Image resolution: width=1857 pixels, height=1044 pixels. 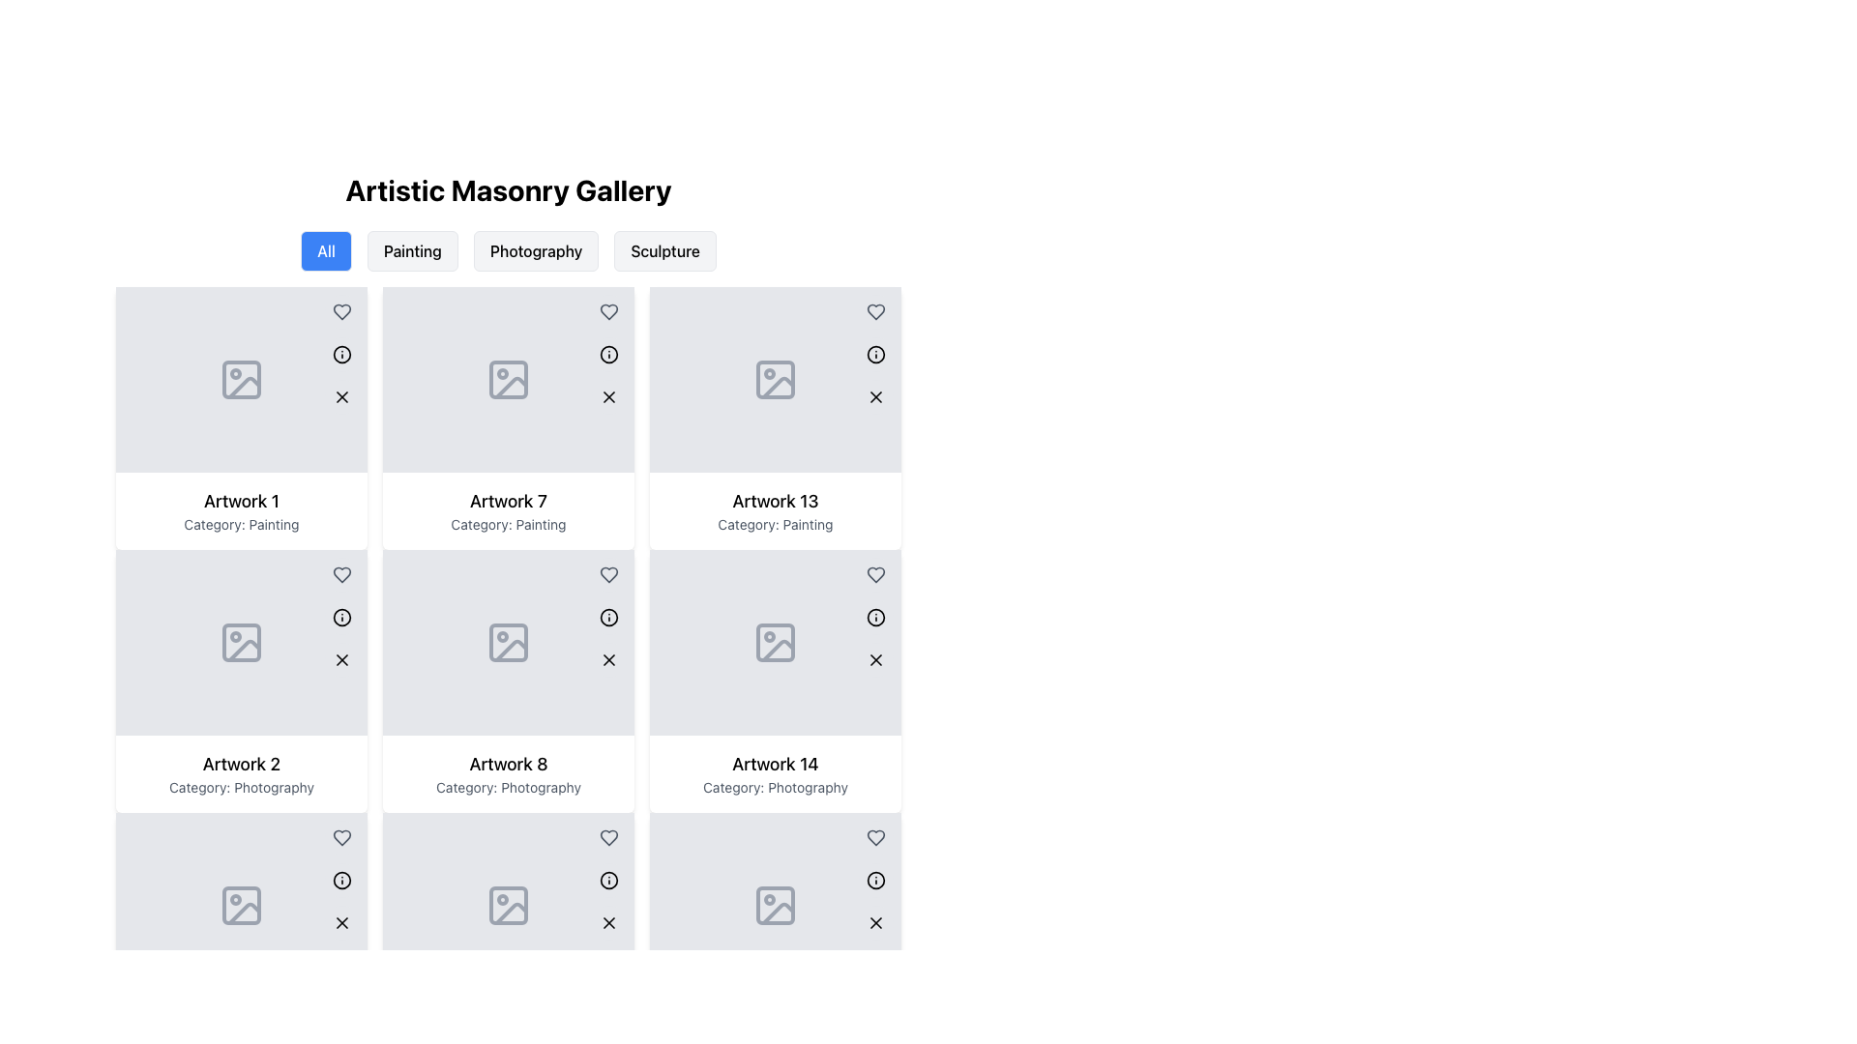 What do you see at coordinates (240, 681) in the screenshot?
I see `the second card from the top in the first column of the multi-column grid layout that displays artwork information, allowing interaction with the card or its icons` at bounding box center [240, 681].